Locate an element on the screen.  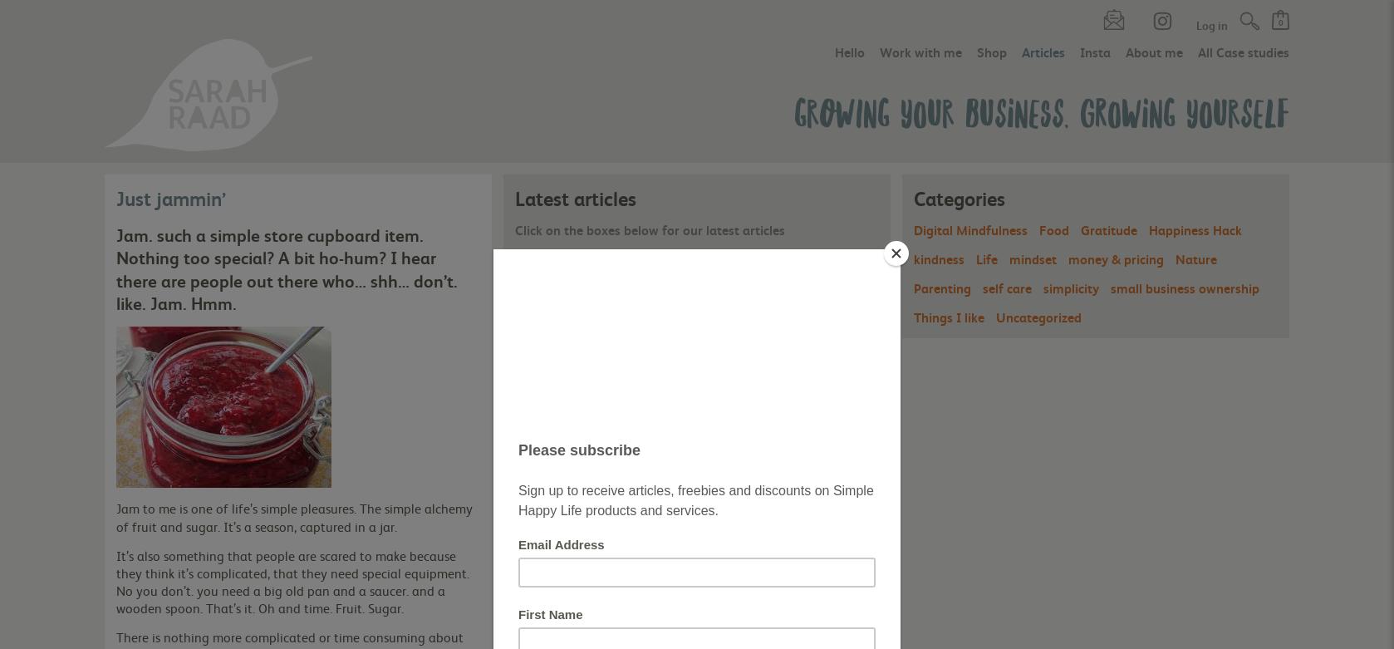
'Jam. such a simple store cupboard item. Nothing too special? A bit ho-hum? I hear there are people out there who… shh… don’t. like. Jam. Hmm.' is located at coordinates (287, 268).